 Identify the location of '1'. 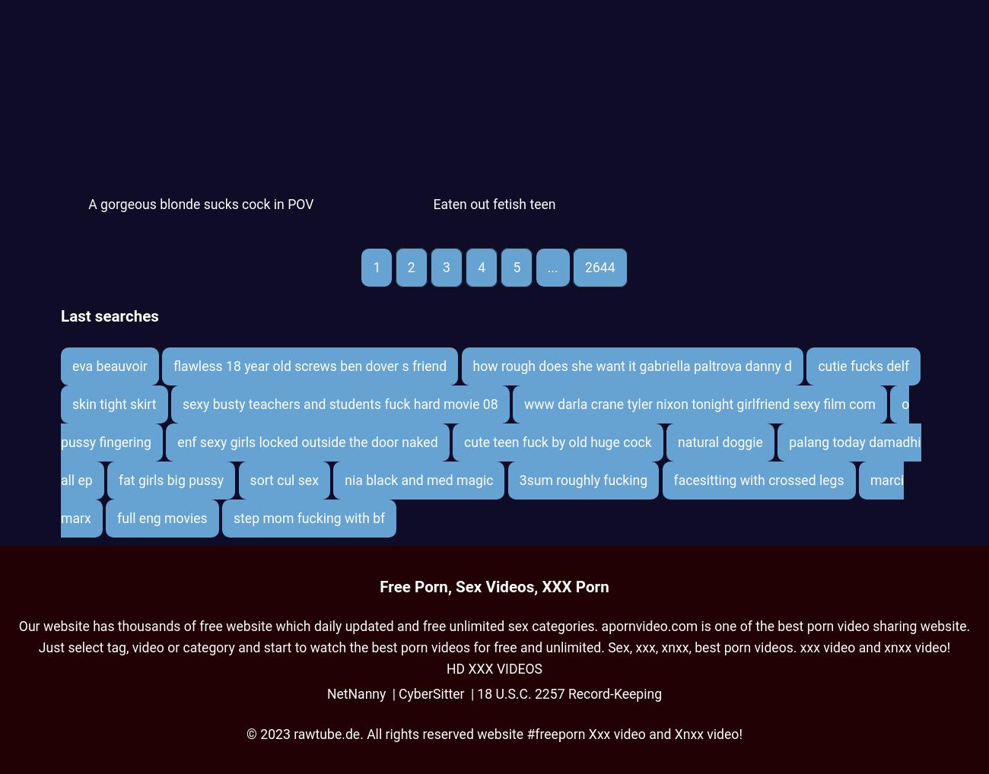
(372, 266).